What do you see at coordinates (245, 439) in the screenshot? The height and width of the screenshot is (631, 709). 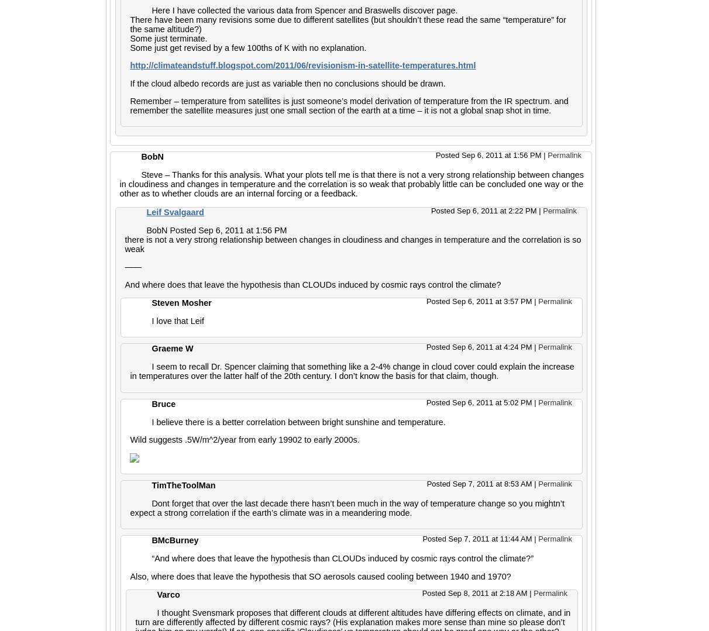 I see `'Wild suggests .5W/m^2/year from early 19902 to early 2000s.'` at bounding box center [245, 439].